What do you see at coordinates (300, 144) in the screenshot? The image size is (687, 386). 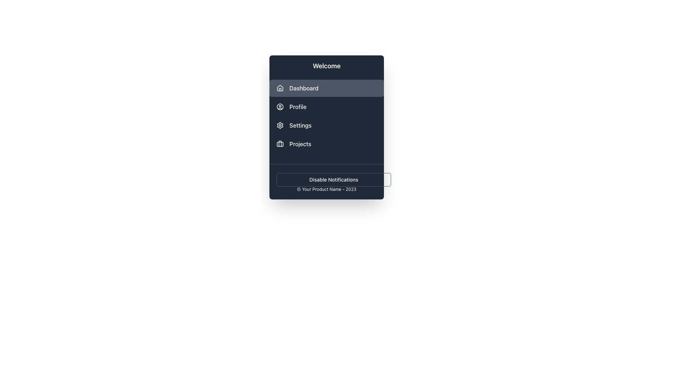 I see `the 'Projects' text label in the sidebar menu` at bounding box center [300, 144].